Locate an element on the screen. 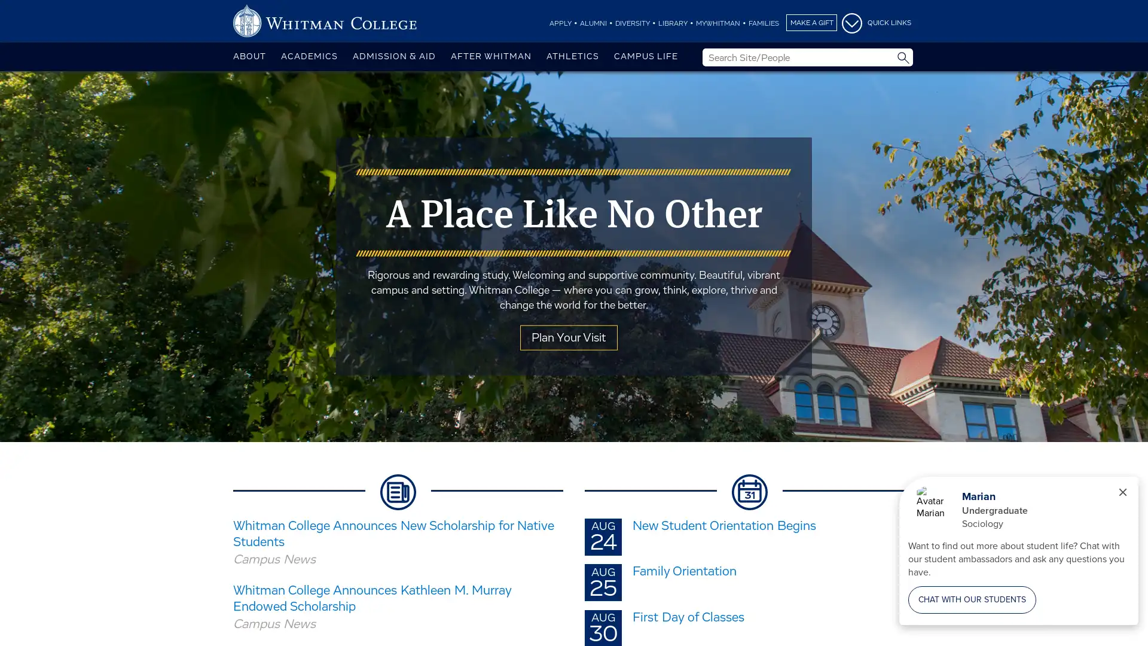  People is located at coordinates (942, 57).